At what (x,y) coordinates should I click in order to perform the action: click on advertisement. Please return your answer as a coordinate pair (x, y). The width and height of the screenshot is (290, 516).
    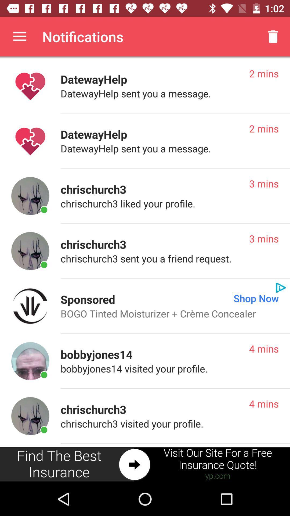
    Looking at the image, I should click on (145, 464).